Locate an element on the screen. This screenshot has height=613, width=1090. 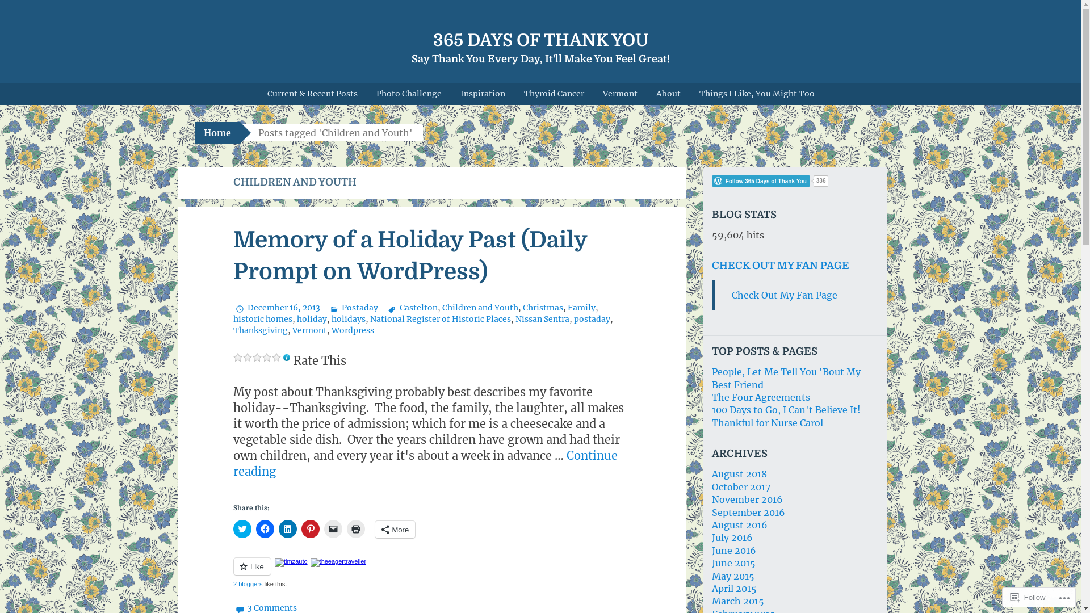
'CHECK OUT MY FAN PAGE' is located at coordinates (779, 265).